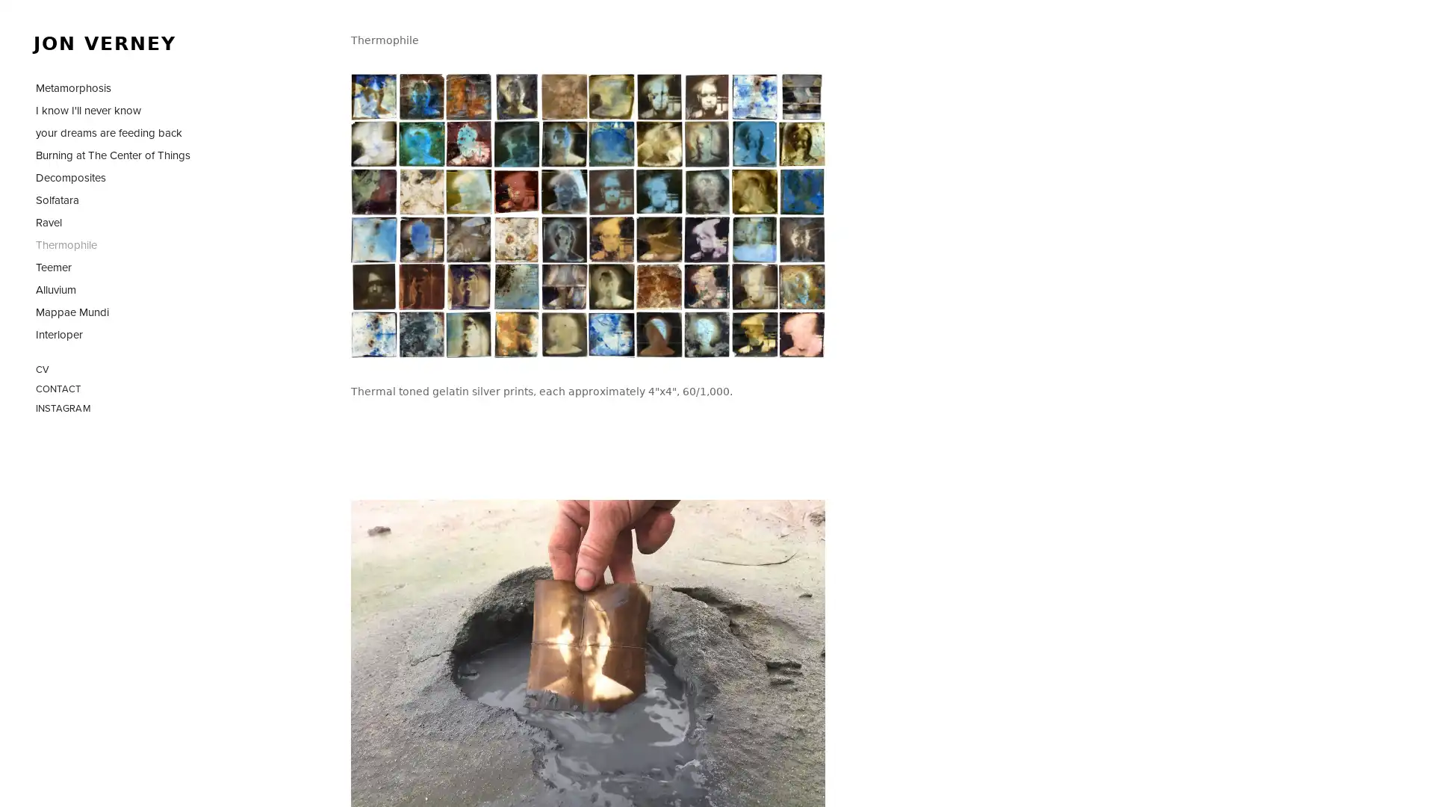 The image size is (1434, 807). What do you see at coordinates (468, 333) in the screenshot?
I see `View fullsize jon_verney_thermophile_54.jpg` at bounding box center [468, 333].